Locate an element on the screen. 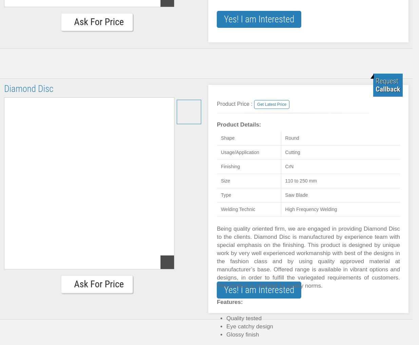 The width and height of the screenshot is (419, 345). 'Get Latest Price' is located at coordinates (272, 104).